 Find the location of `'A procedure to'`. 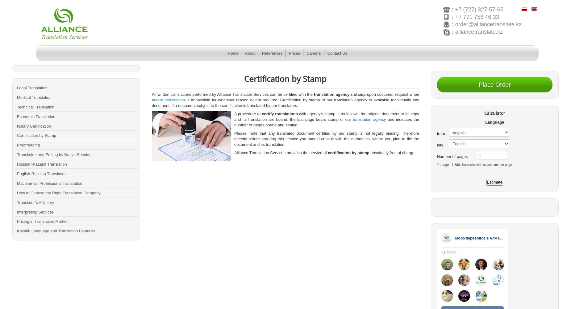

'A procedure to' is located at coordinates (234, 113).